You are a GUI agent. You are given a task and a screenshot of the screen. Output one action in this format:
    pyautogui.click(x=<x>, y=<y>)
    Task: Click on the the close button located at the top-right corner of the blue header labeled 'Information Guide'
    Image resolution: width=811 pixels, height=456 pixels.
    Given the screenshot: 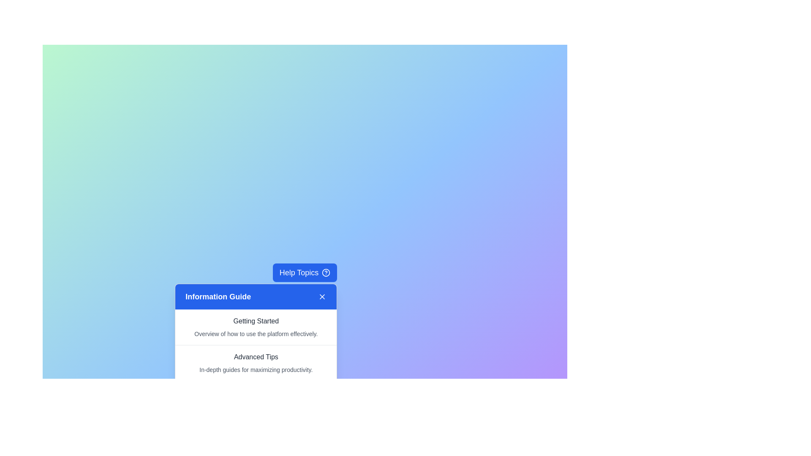 What is the action you would take?
    pyautogui.click(x=322, y=296)
    